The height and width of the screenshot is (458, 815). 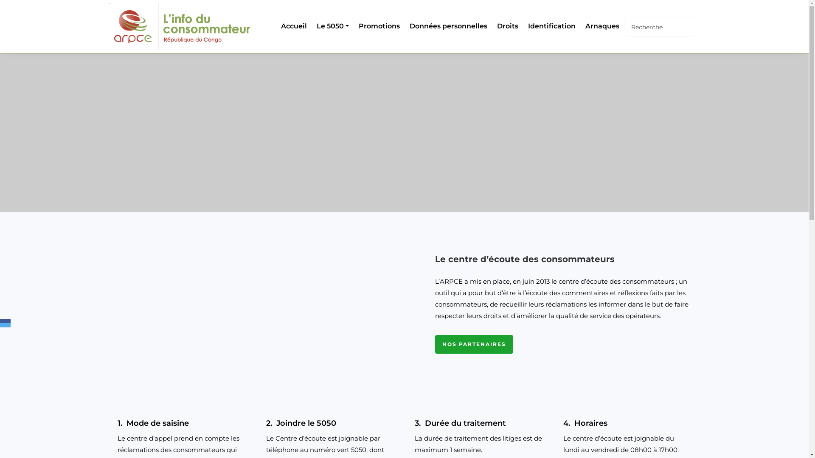 I want to click on 'Promotions', so click(x=377, y=26).